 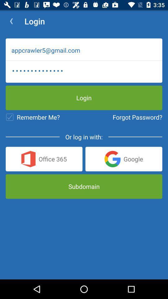 What do you see at coordinates (137, 117) in the screenshot?
I see `item next to remember me? item` at bounding box center [137, 117].